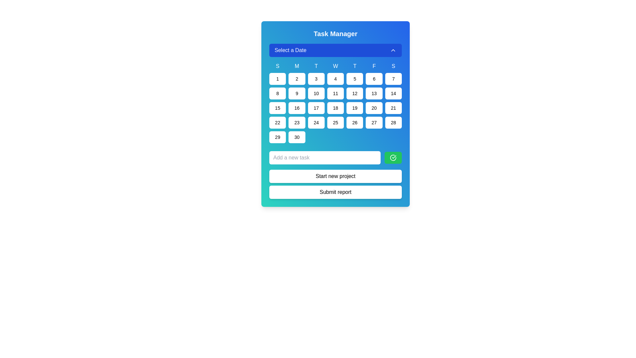  What do you see at coordinates (393, 93) in the screenshot?
I see `the button displaying the number '14', which is a rectangular button with a white background and black text` at bounding box center [393, 93].